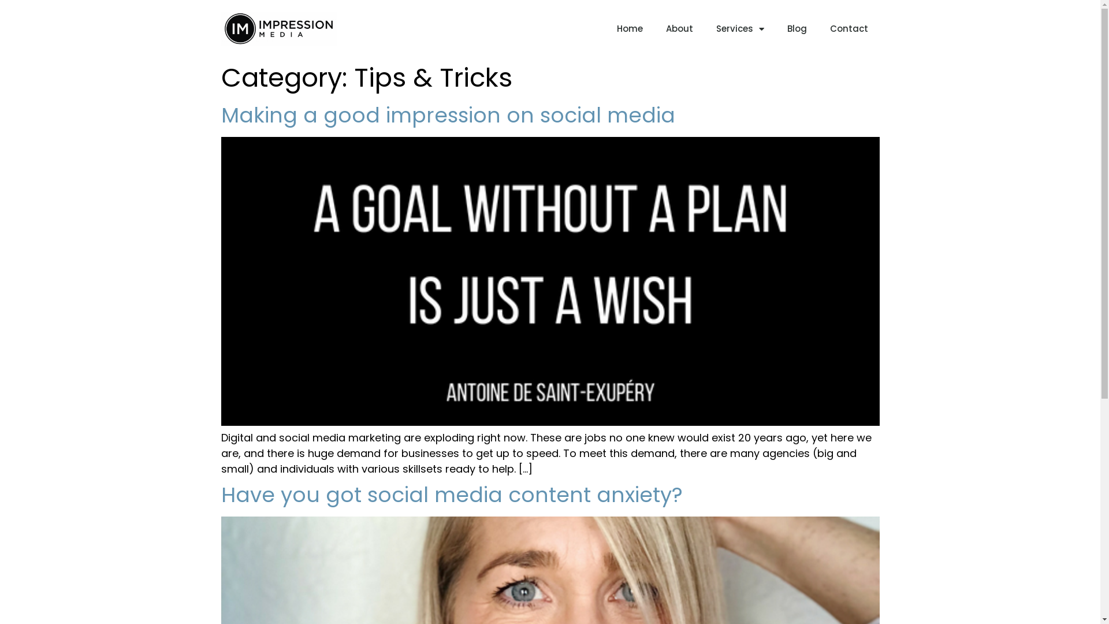 Image resolution: width=1109 pixels, height=624 pixels. Describe the element at coordinates (740, 28) in the screenshot. I see `'Services'` at that location.